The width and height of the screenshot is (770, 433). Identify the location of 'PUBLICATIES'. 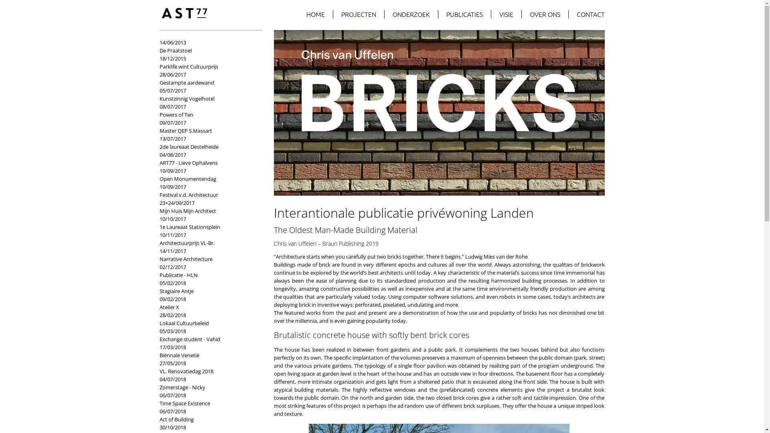
(437, 14).